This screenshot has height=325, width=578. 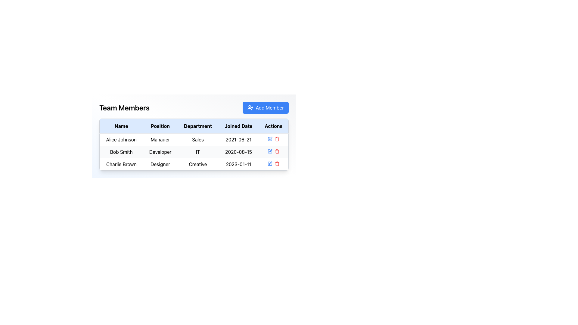 I want to click on the user icon with a plus sign, which is styled in white on a blue circular background, located to the left of the text 'Add Member' within the button labeled 'Add Member' in the top-right corner, so click(x=250, y=107).